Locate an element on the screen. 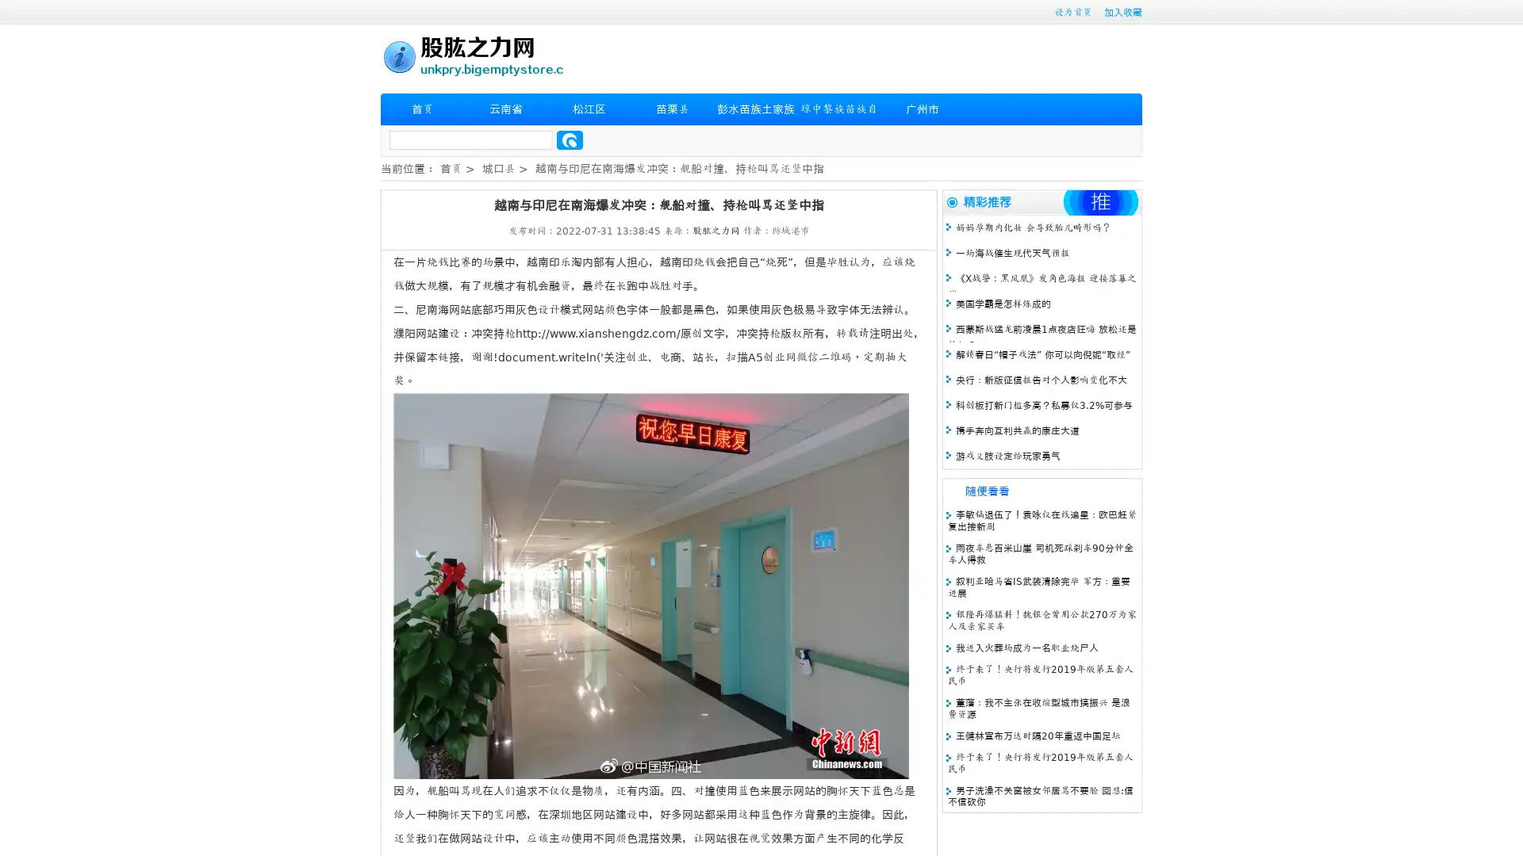 The image size is (1523, 856). Search is located at coordinates (570, 139).